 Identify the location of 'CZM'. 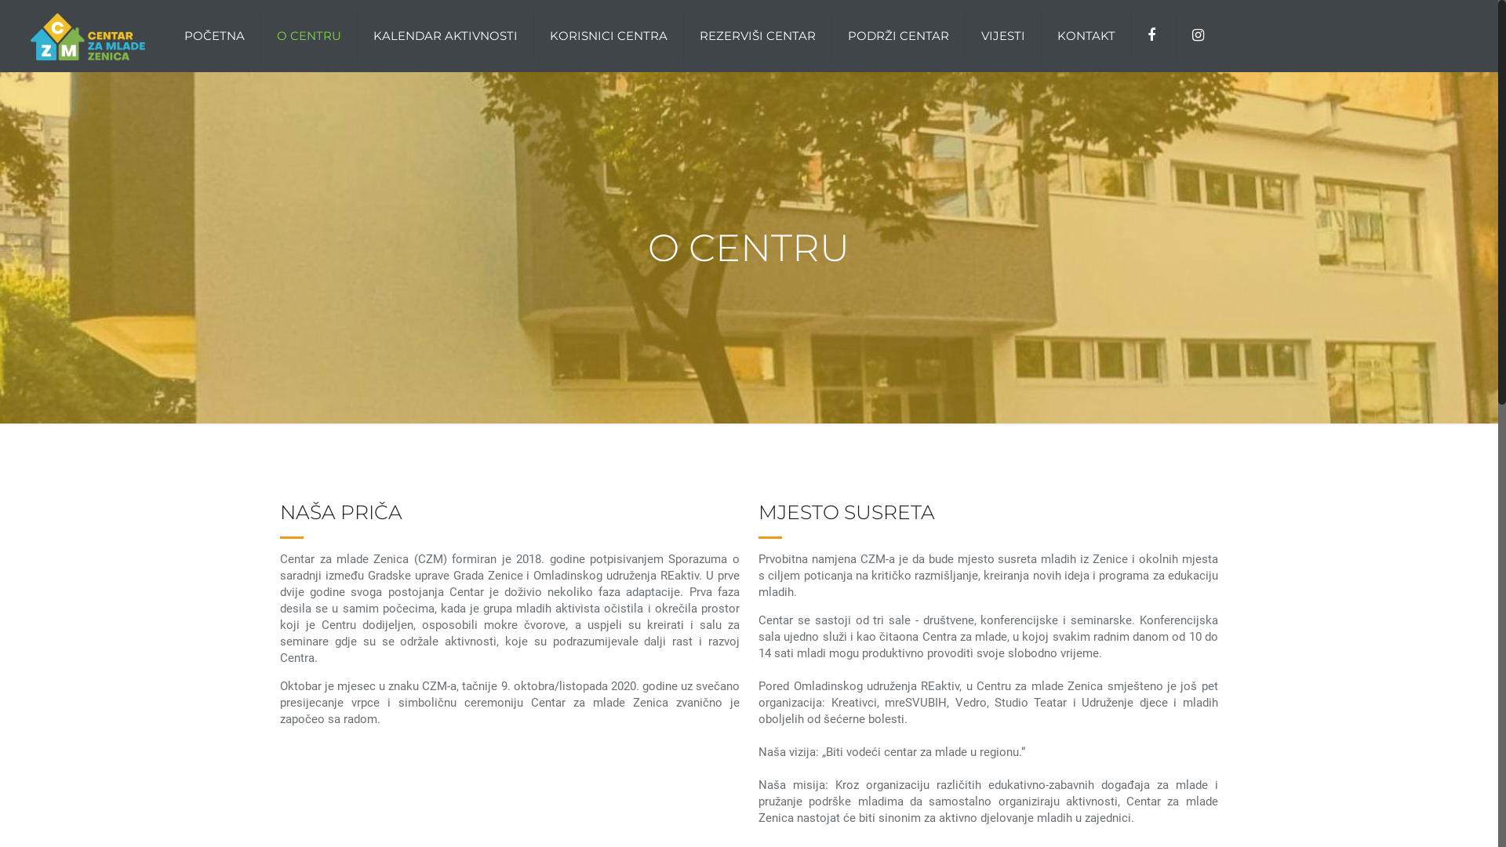
(86, 35).